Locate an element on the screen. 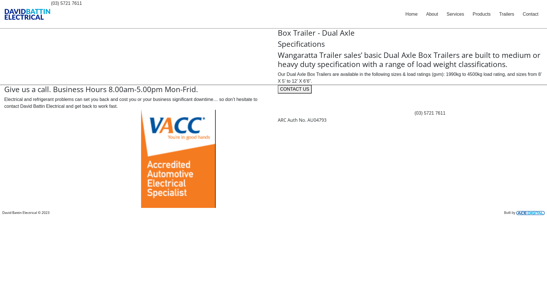  'Contact' is located at coordinates (518, 14).